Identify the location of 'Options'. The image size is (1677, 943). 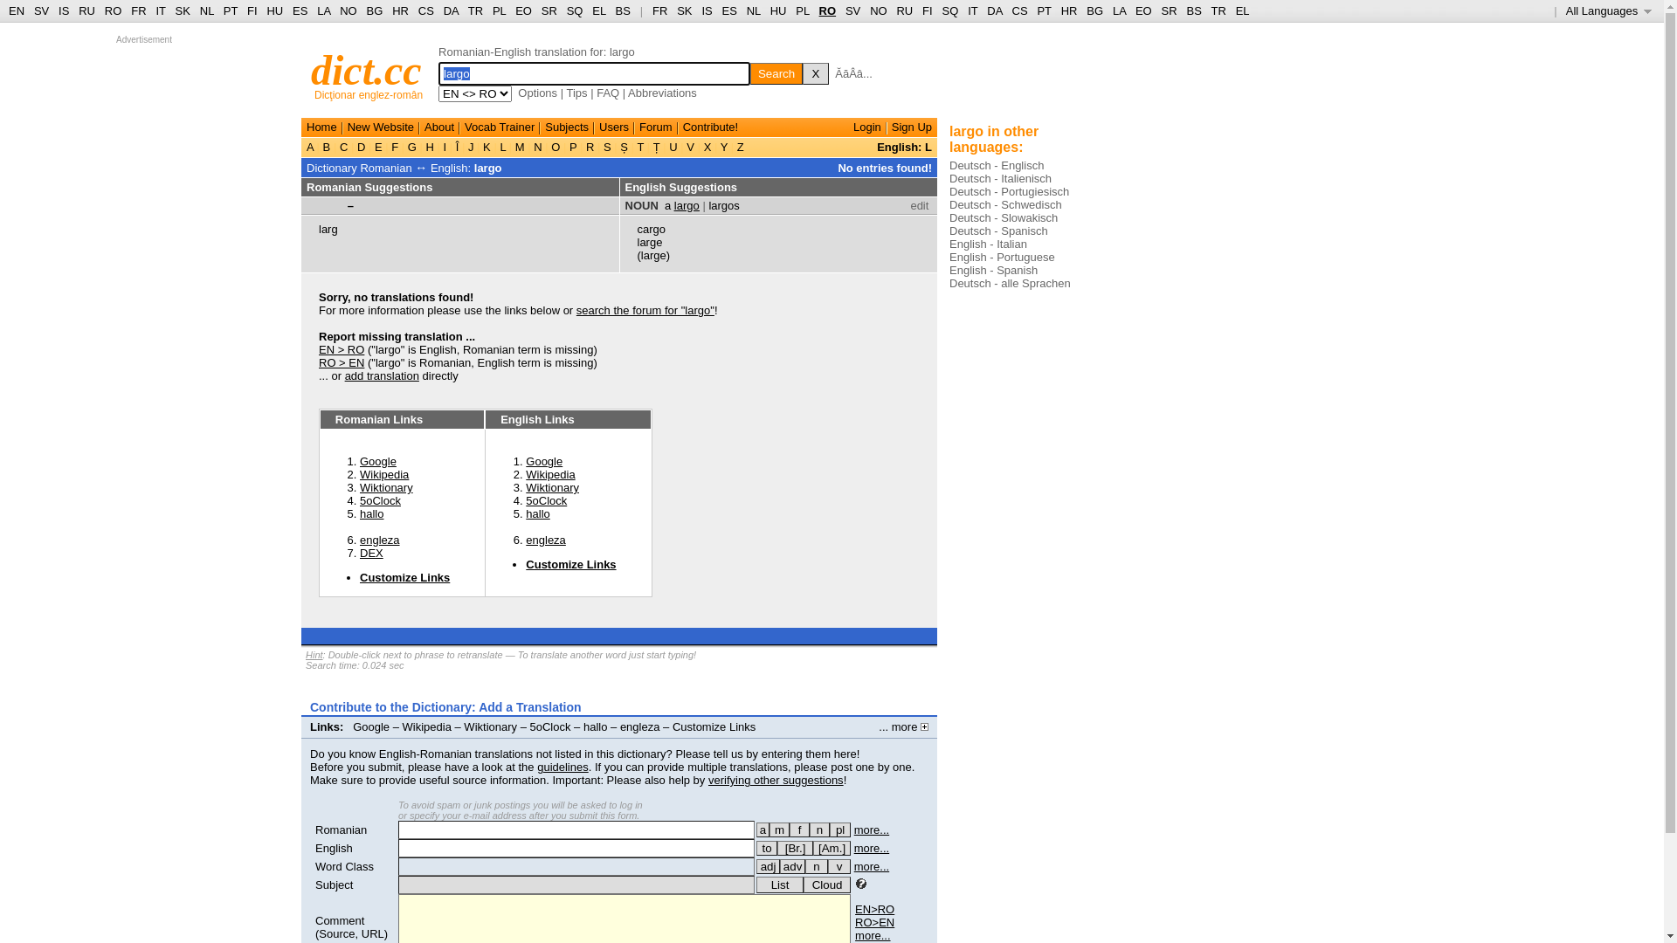
(536, 93).